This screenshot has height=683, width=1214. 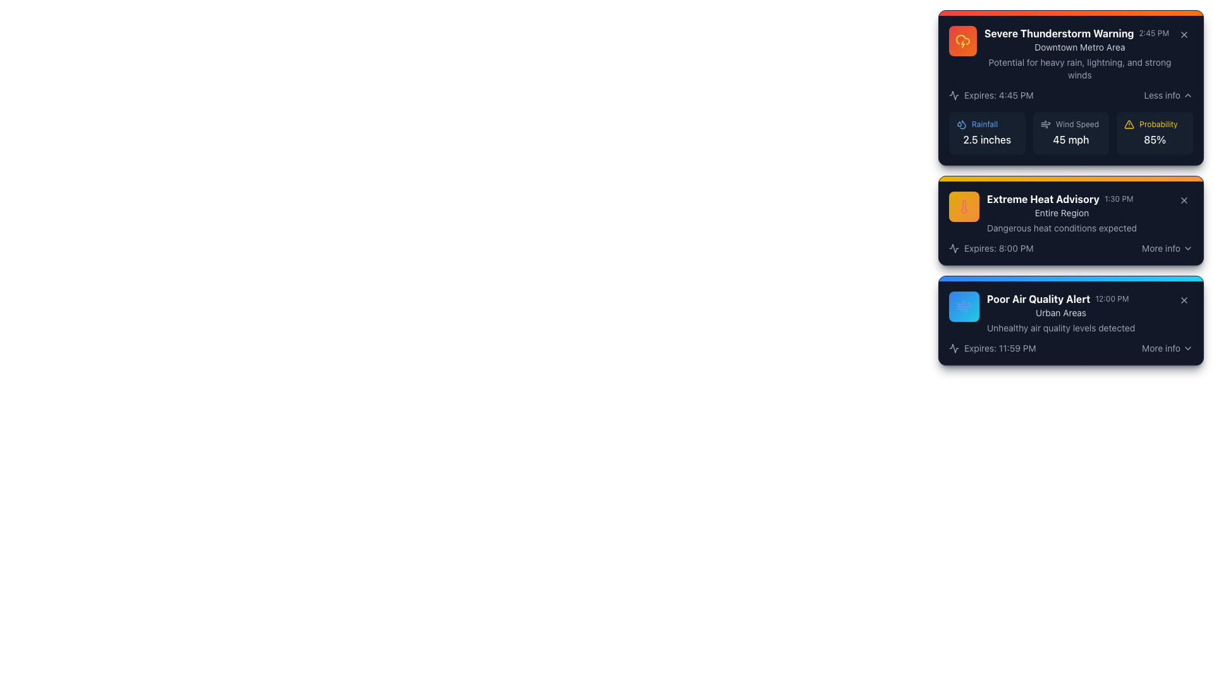 I want to click on the small, blue-outlined droplet icon located to the left of the text 'Rainfall', so click(x=961, y=124).